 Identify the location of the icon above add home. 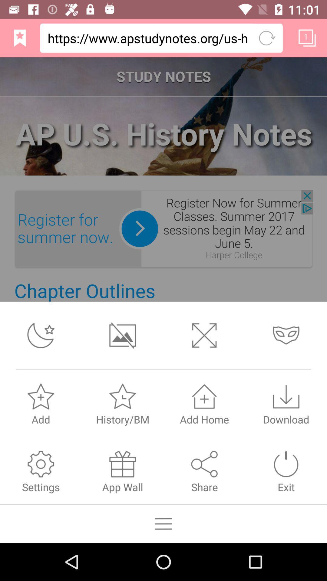
(204, 396).